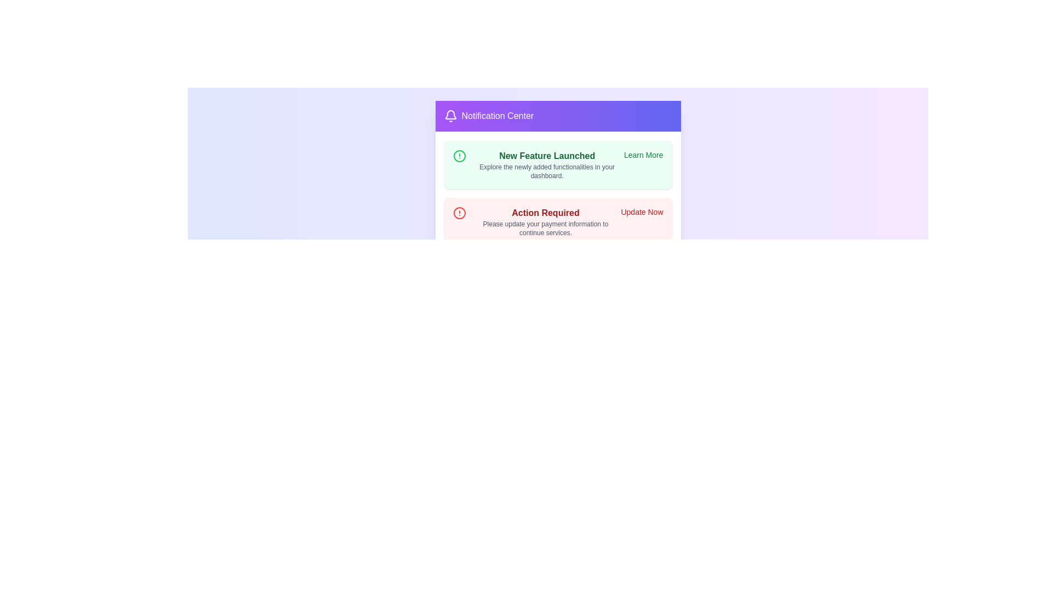  Describe the element at coordinates (545, 227) in the screenshot. I see `text block that contains the message 'Please update your payment information to continue services.' located under the 'Action Required' heading within the notification card` at that location.